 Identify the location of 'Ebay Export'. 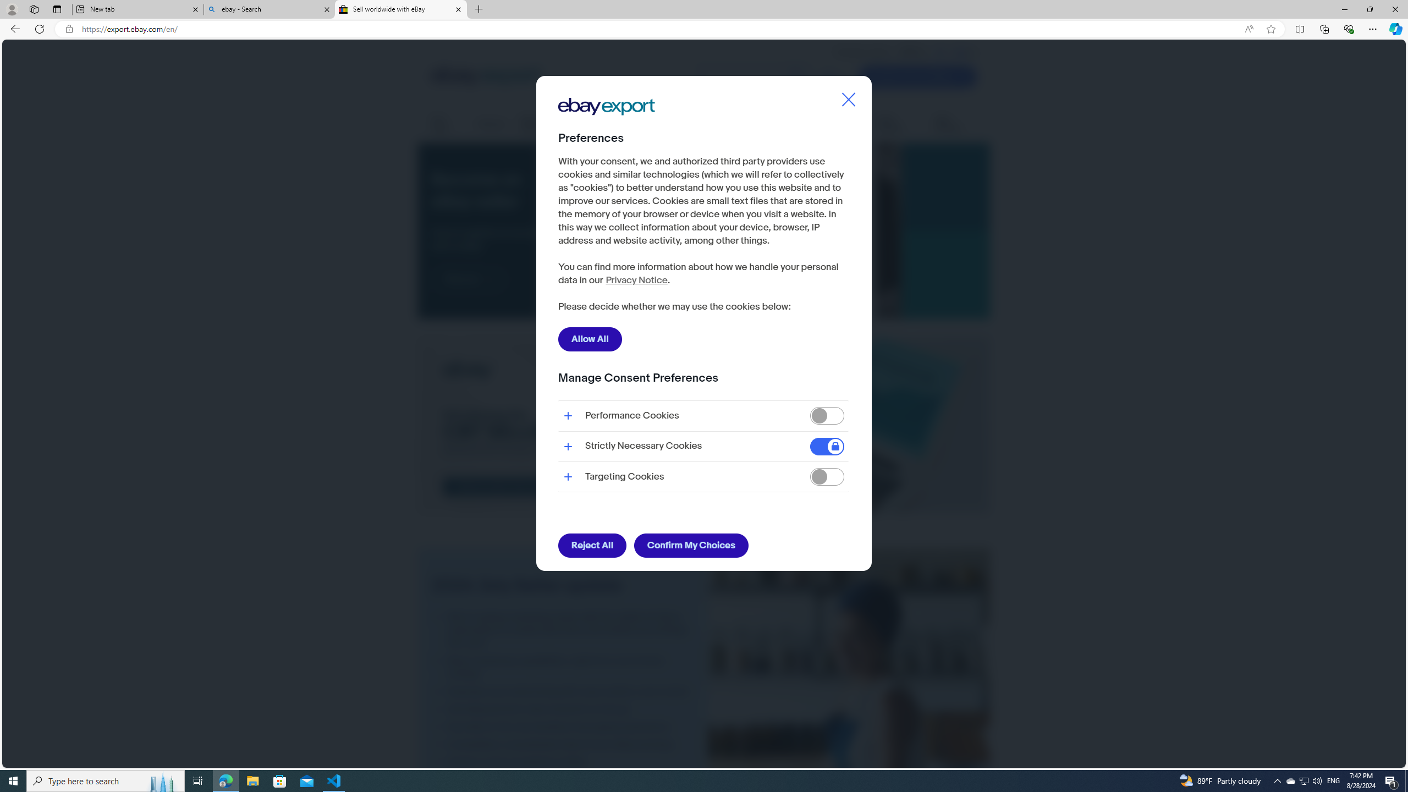
(609, 141).